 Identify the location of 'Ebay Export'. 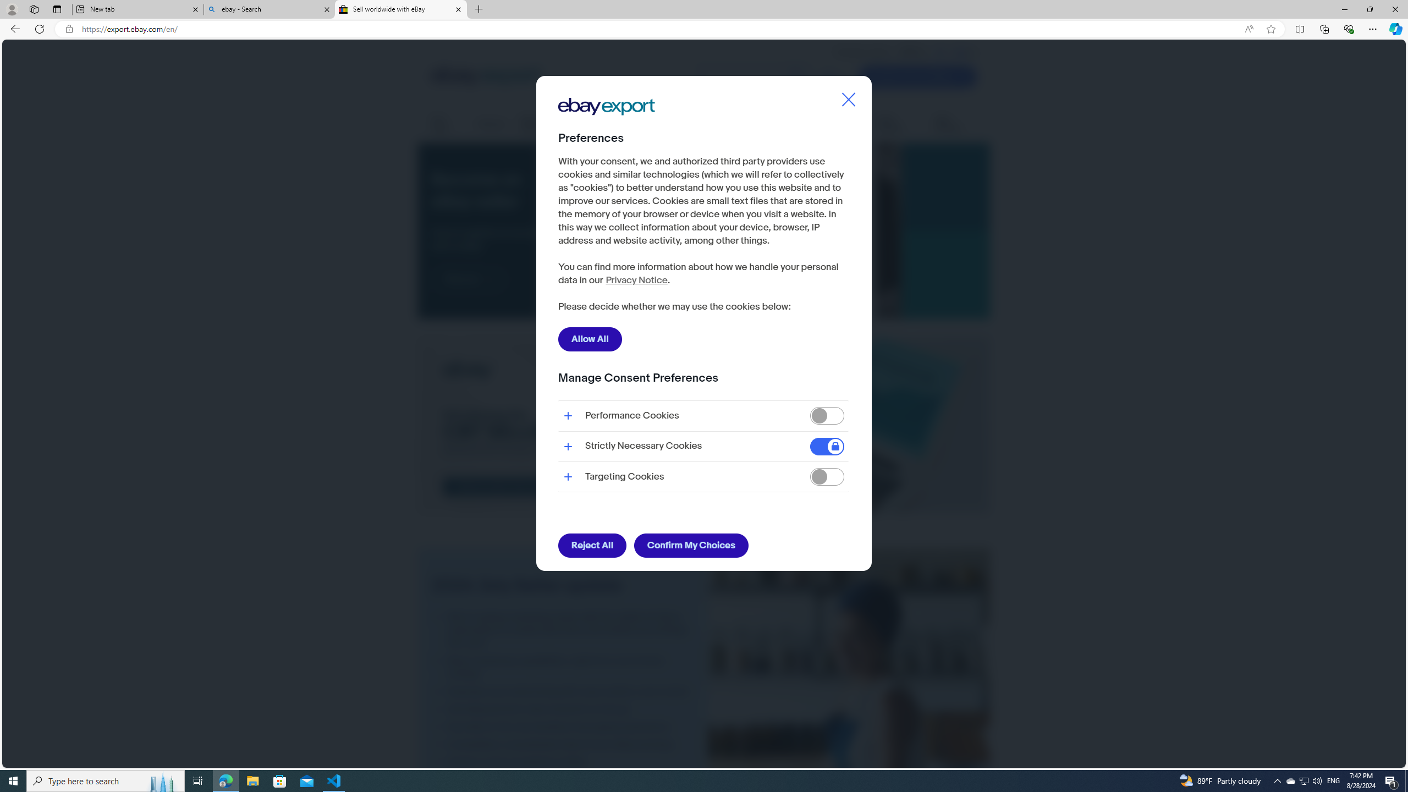
(609, 141).